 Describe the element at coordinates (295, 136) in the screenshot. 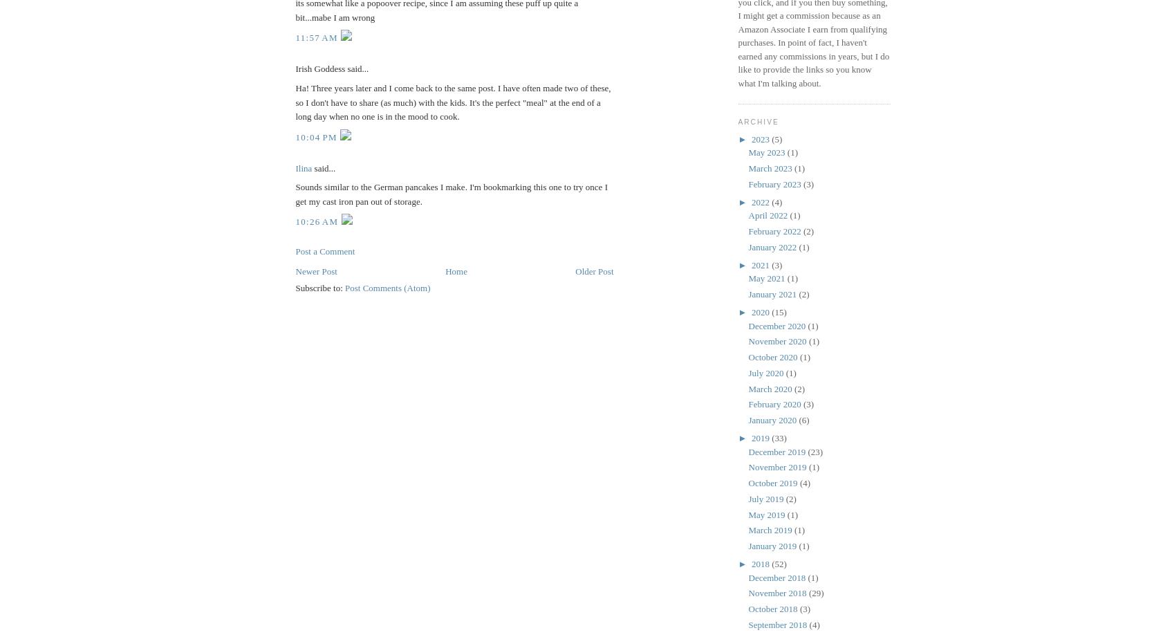

I see `'10:04 PM'` at that location.